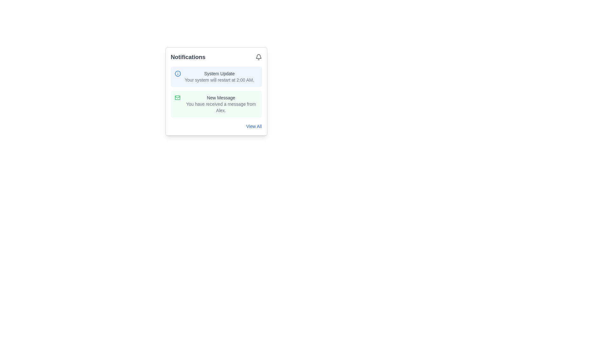 The image size is (611, 343). What do you see at coordinates (187, 57) in the screenshot?
I see `the heading label of the notification card, which is positioned at the top-left corner of the card with a bell icon to its right` at bounding box center [187, 57].